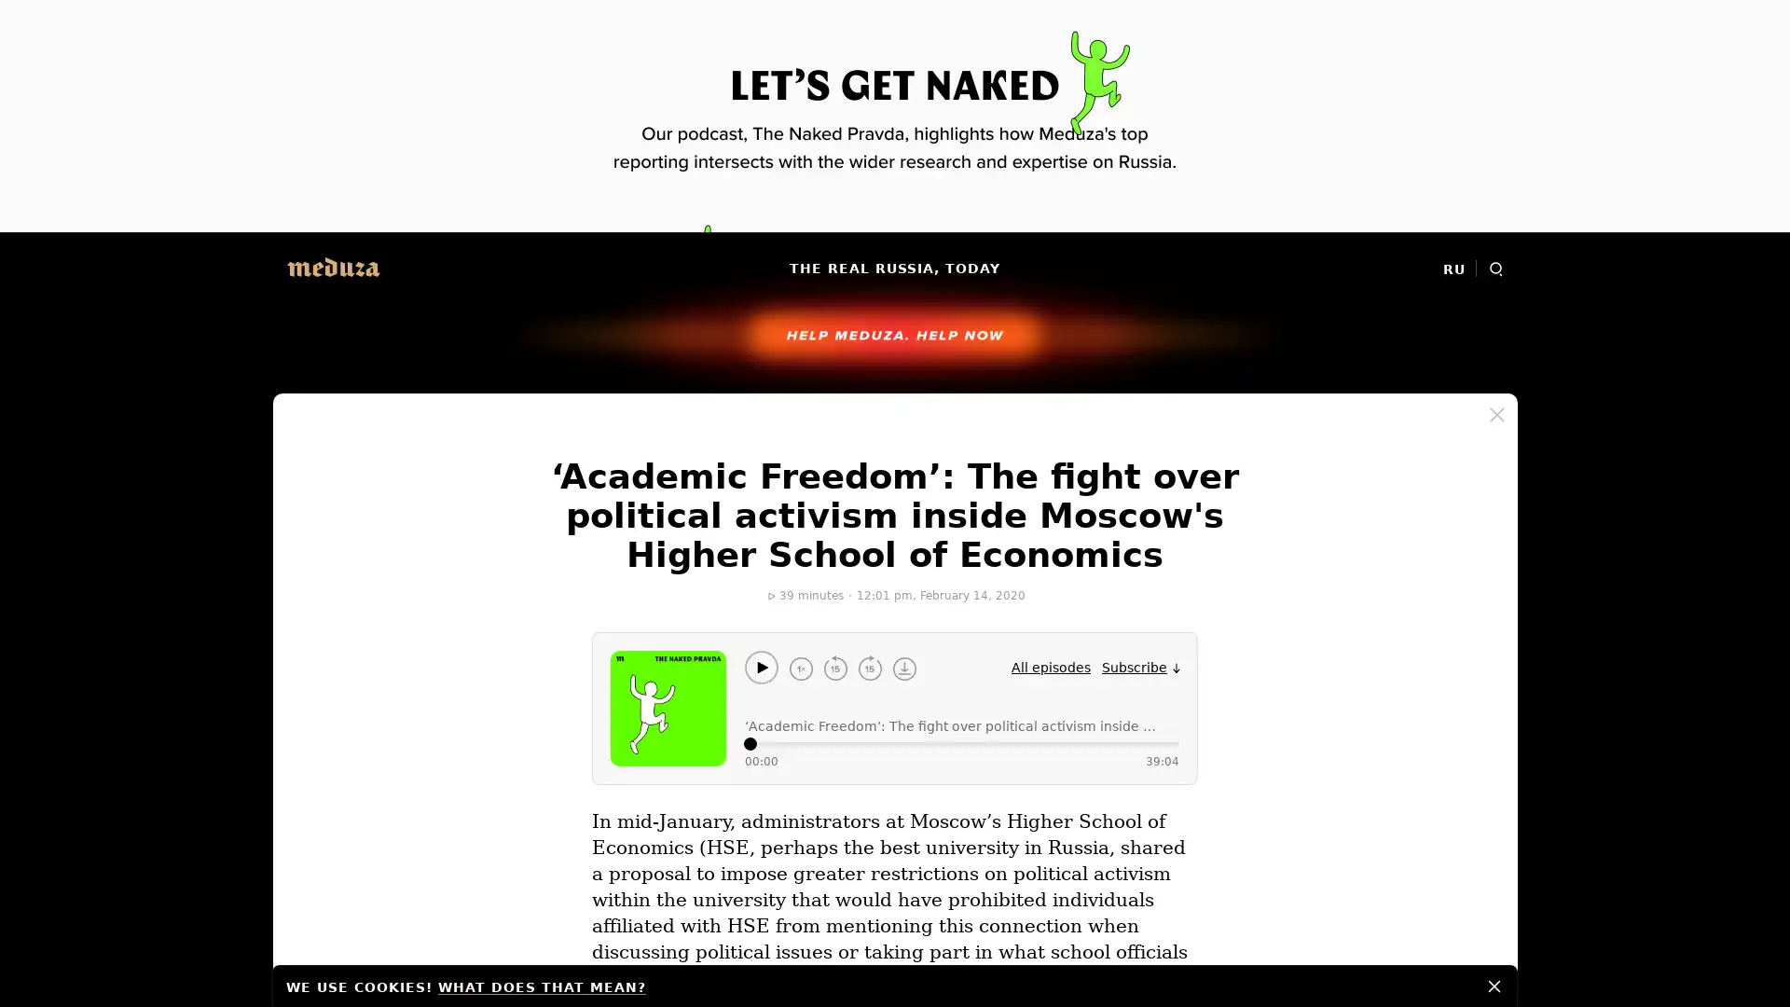 The width and height of the screenshot is (1790, 1007). Describe the element at coordinates (1494, 984) in the screenshot. I see `Close notification` at that location.